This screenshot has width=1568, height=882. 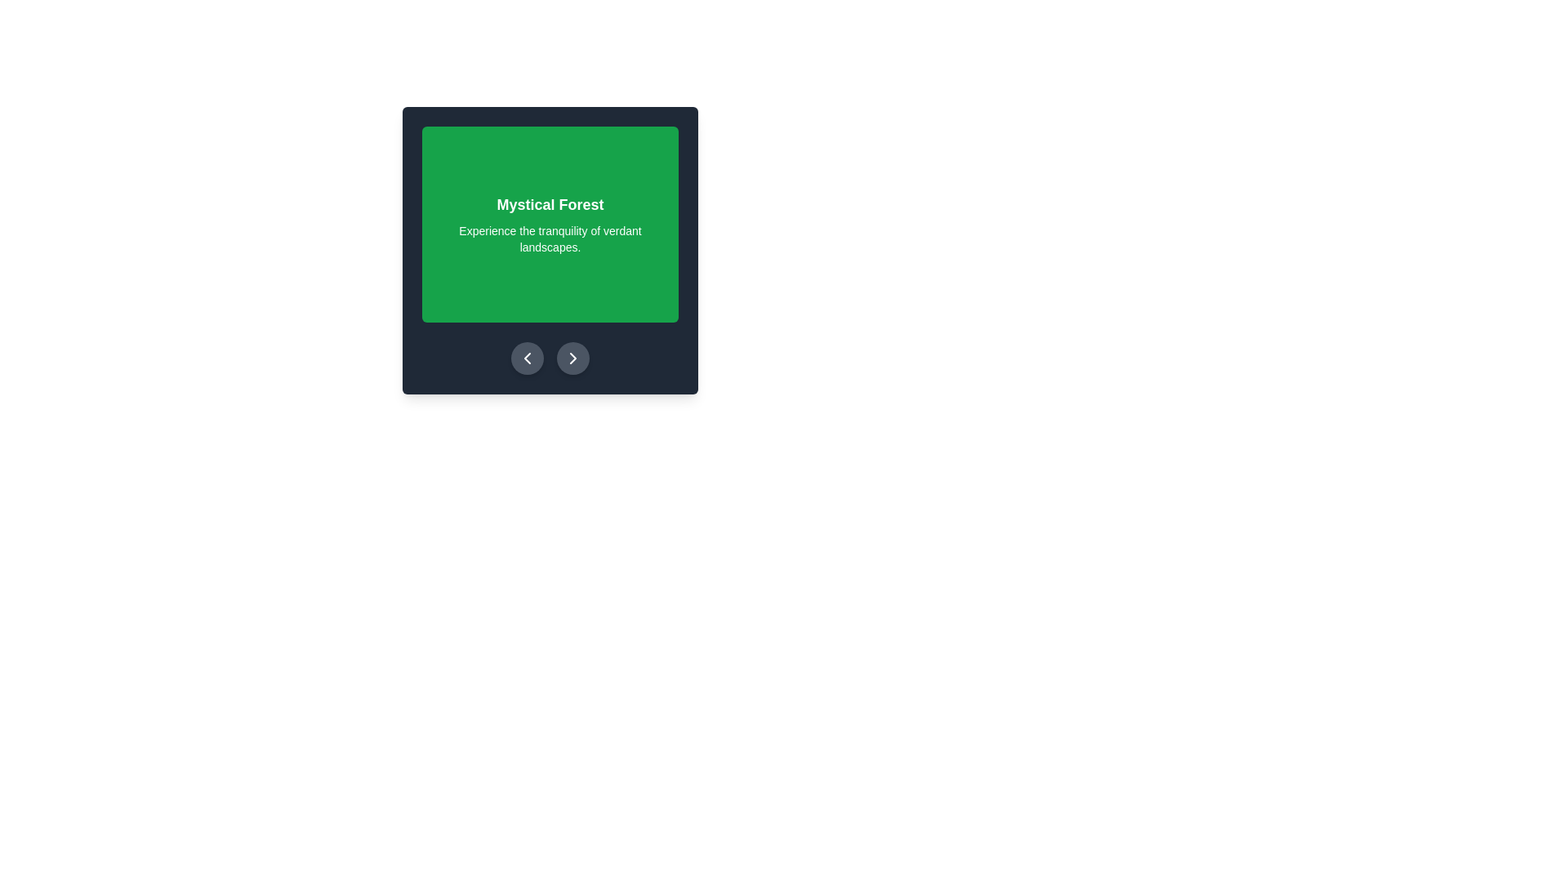 I want to click on the 'Mystical Forest' text block, which features a large, bold title and a smaller descriptive line on a green rectangular background, so click(x=550, y=224).